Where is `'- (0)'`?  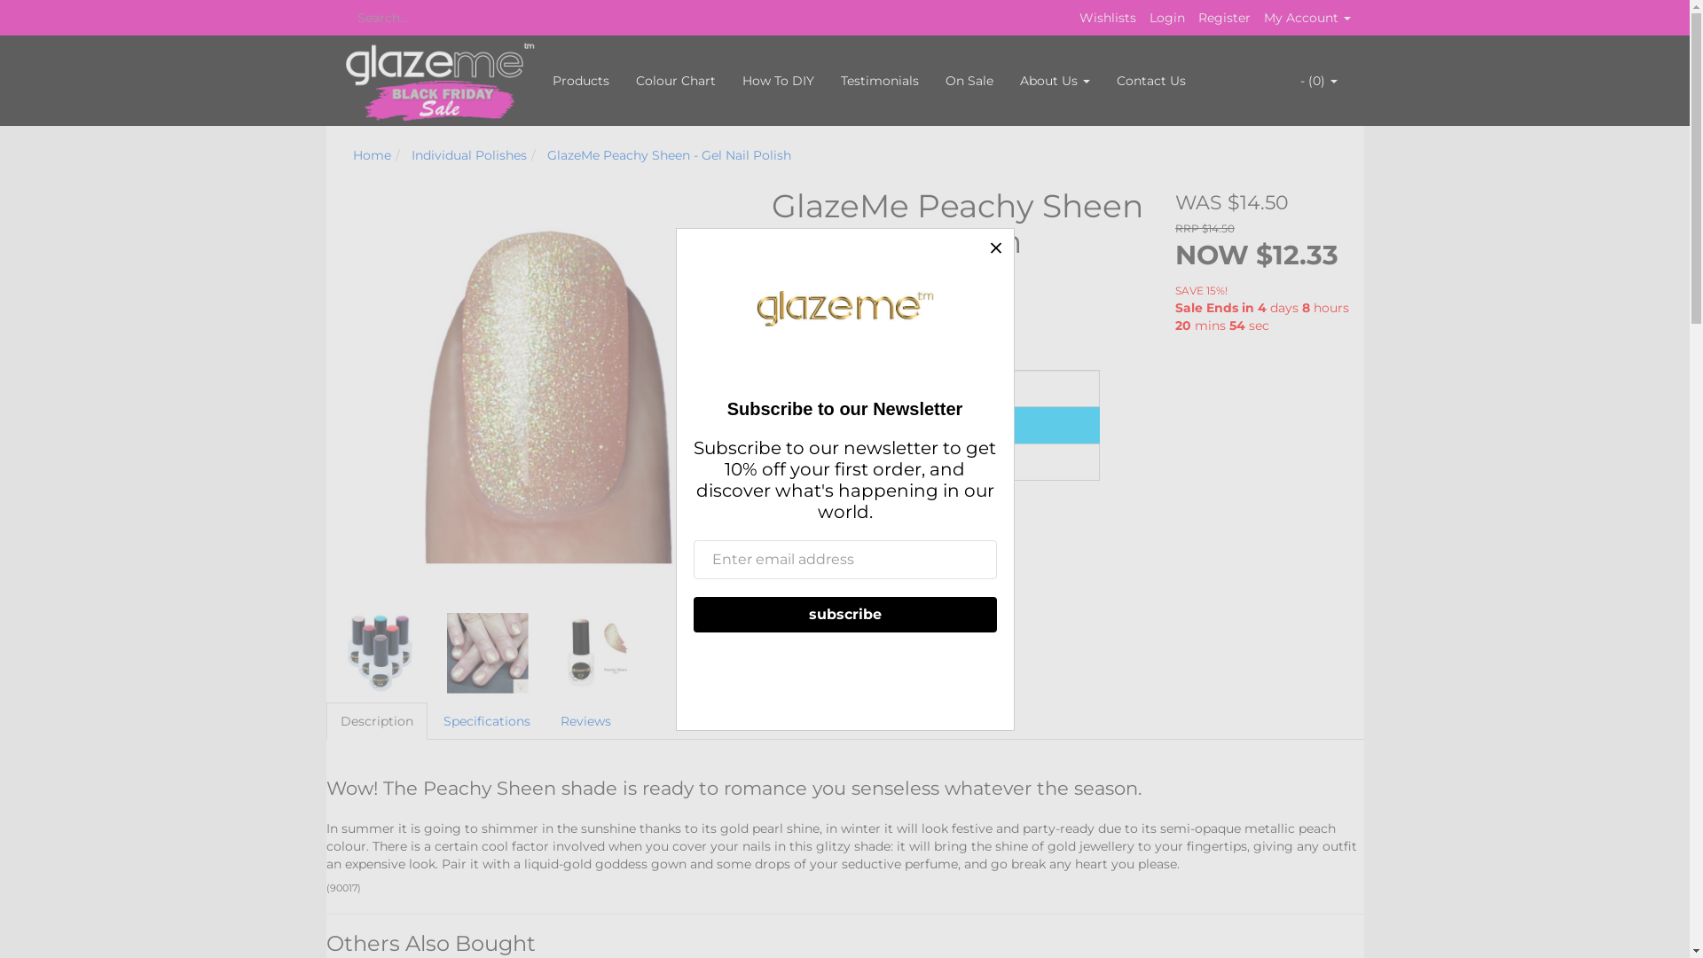 '- (0)' is located at coordinates (1318, 81).